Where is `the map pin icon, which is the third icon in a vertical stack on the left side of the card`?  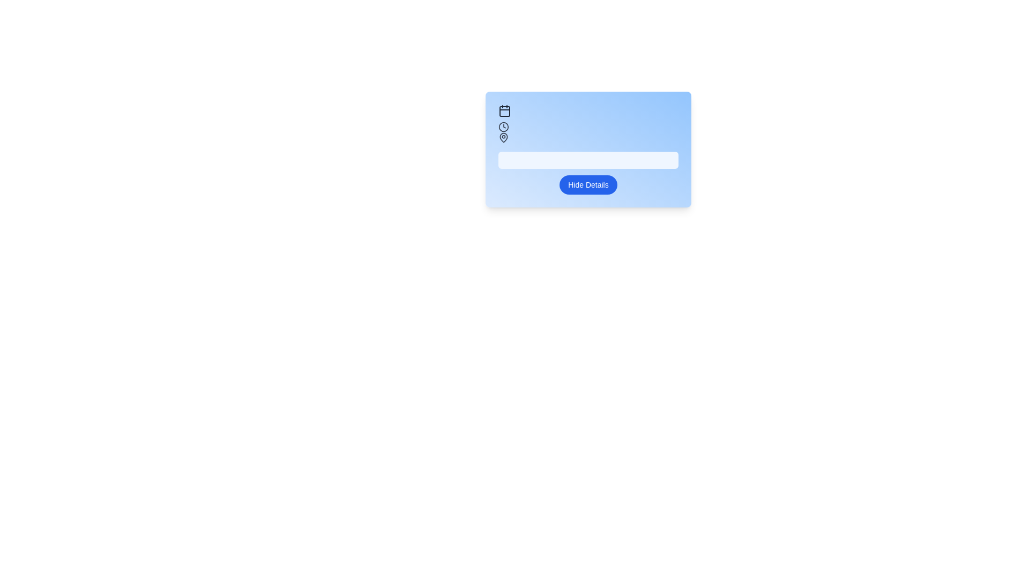 the map pin icon, which is the third icon in a vertical stack on the left side of the card is located at coordinates (503, 137).